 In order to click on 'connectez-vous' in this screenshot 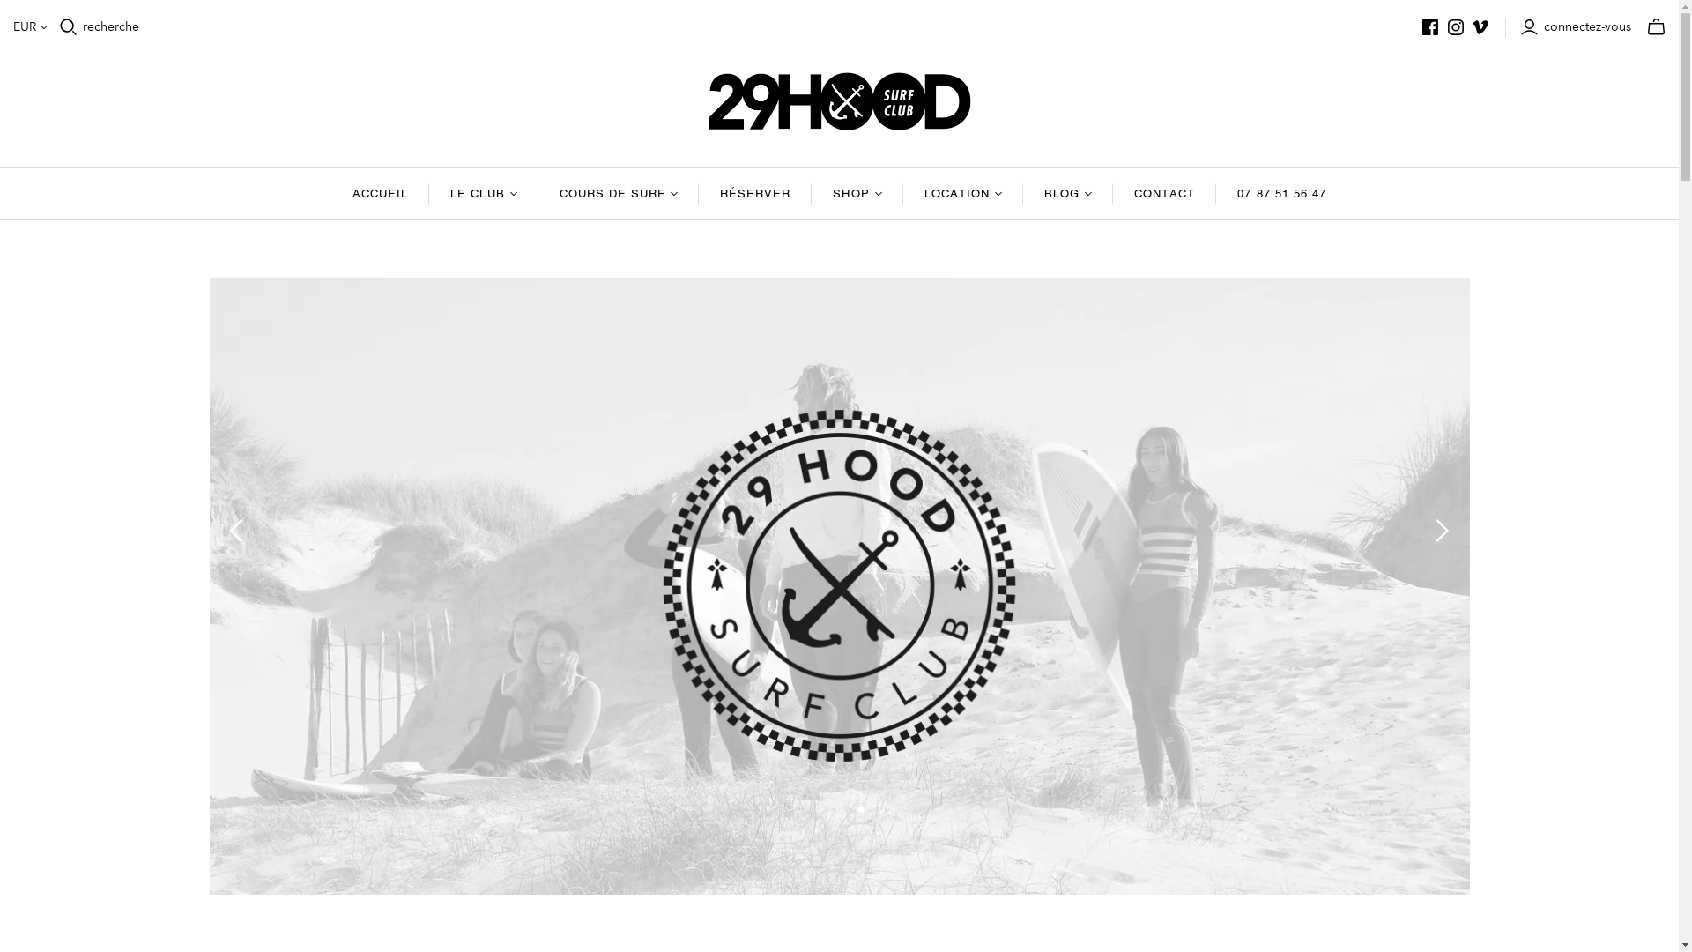, I will do `click(1518, 26)`.